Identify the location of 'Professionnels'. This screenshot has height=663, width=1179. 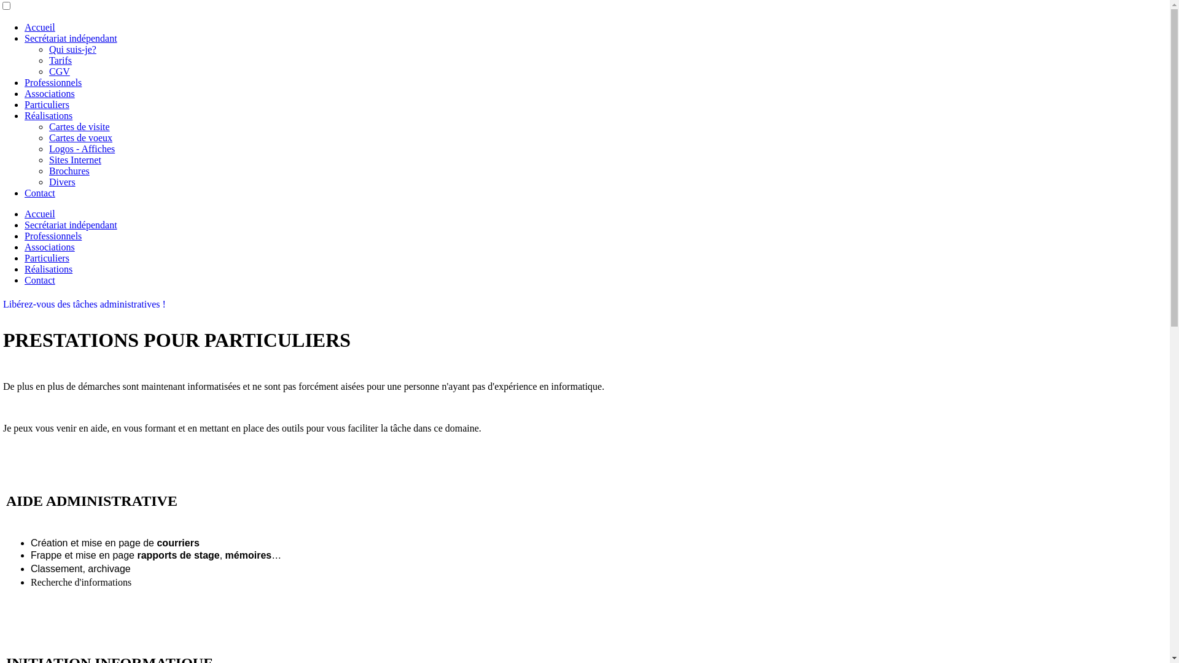
(24, 82).